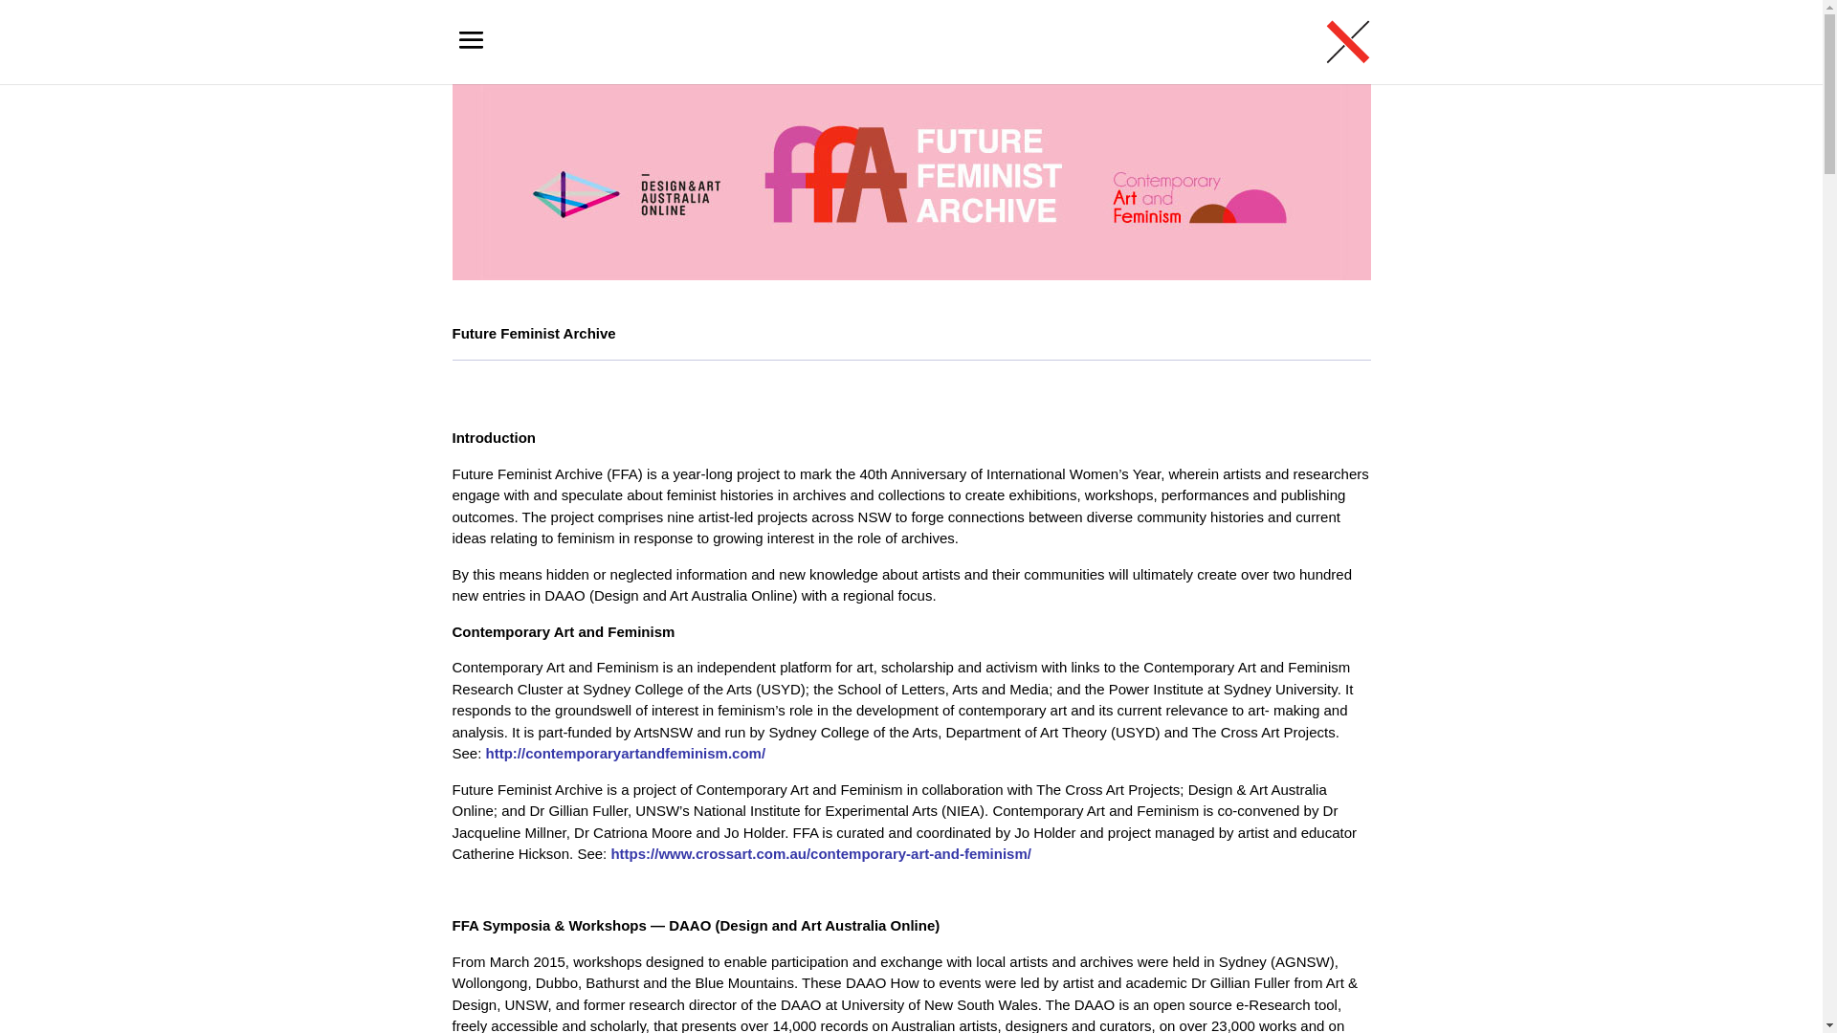 The width and height of the screenshot is (1837, 1033). I want to click on 'http://contemporaryartandfeminism.com/', so click(626, 752).